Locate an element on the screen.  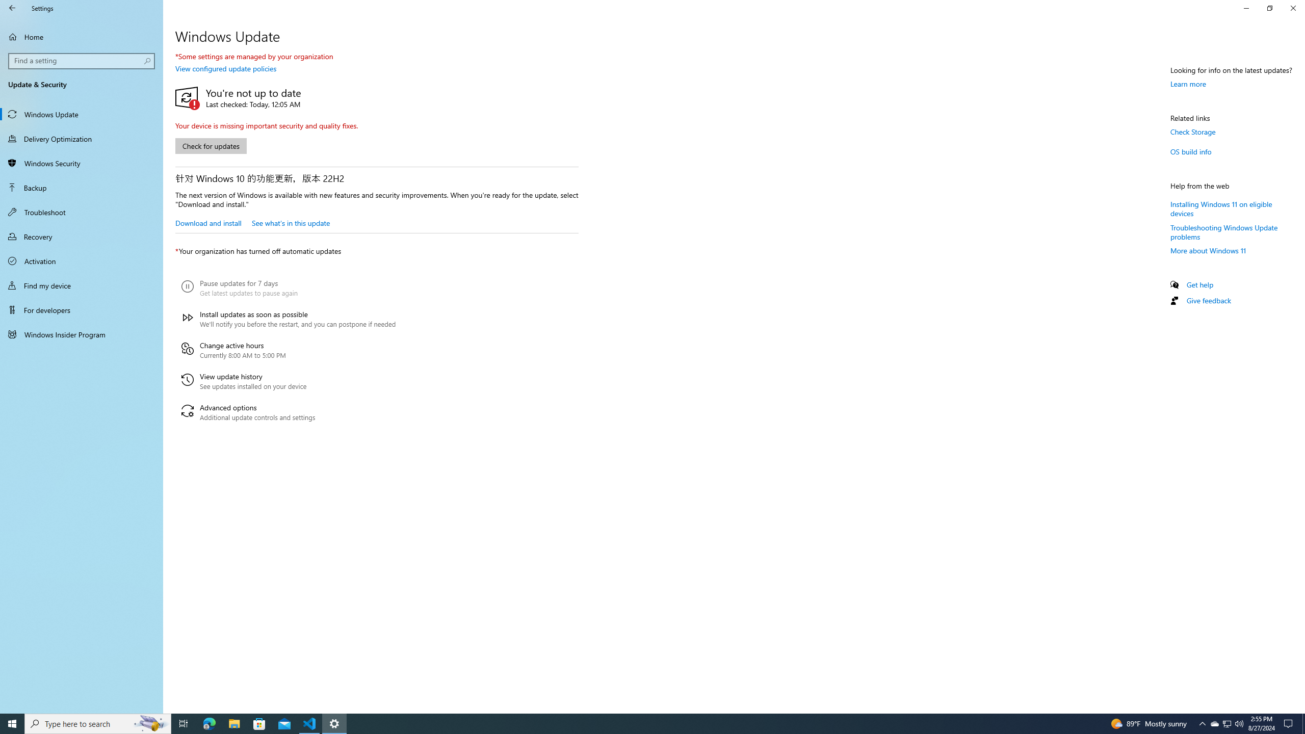
'Visual Studio Code - 1 running window' is located at coordinates (309, 723).